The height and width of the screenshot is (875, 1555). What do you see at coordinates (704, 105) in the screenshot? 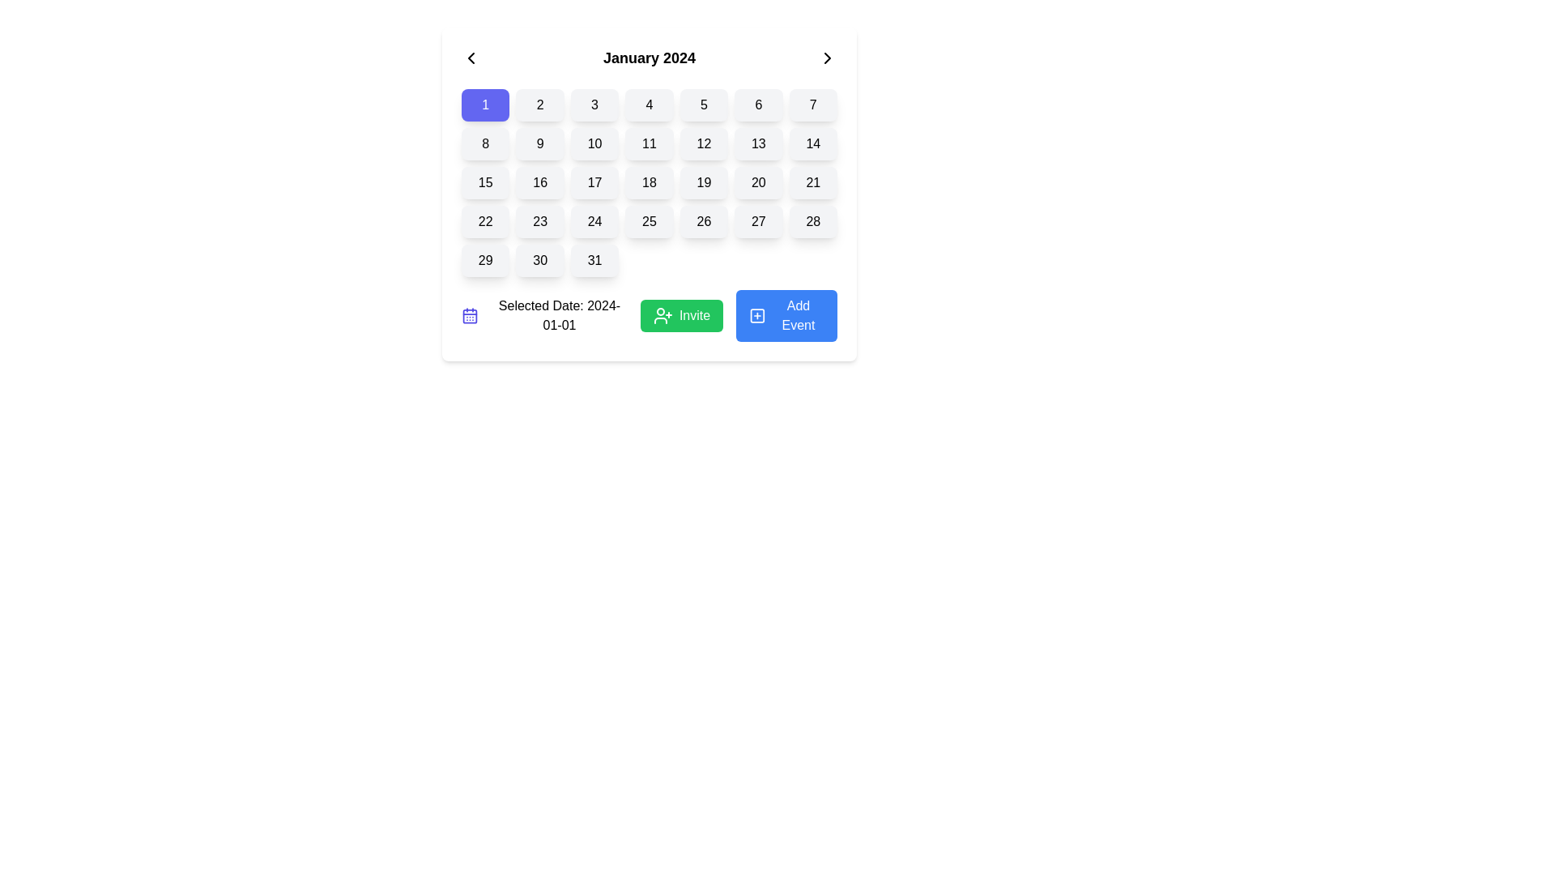
I see `the square-shaped button with the text '5' in a calendar layout` at bounding box center [704, 105].